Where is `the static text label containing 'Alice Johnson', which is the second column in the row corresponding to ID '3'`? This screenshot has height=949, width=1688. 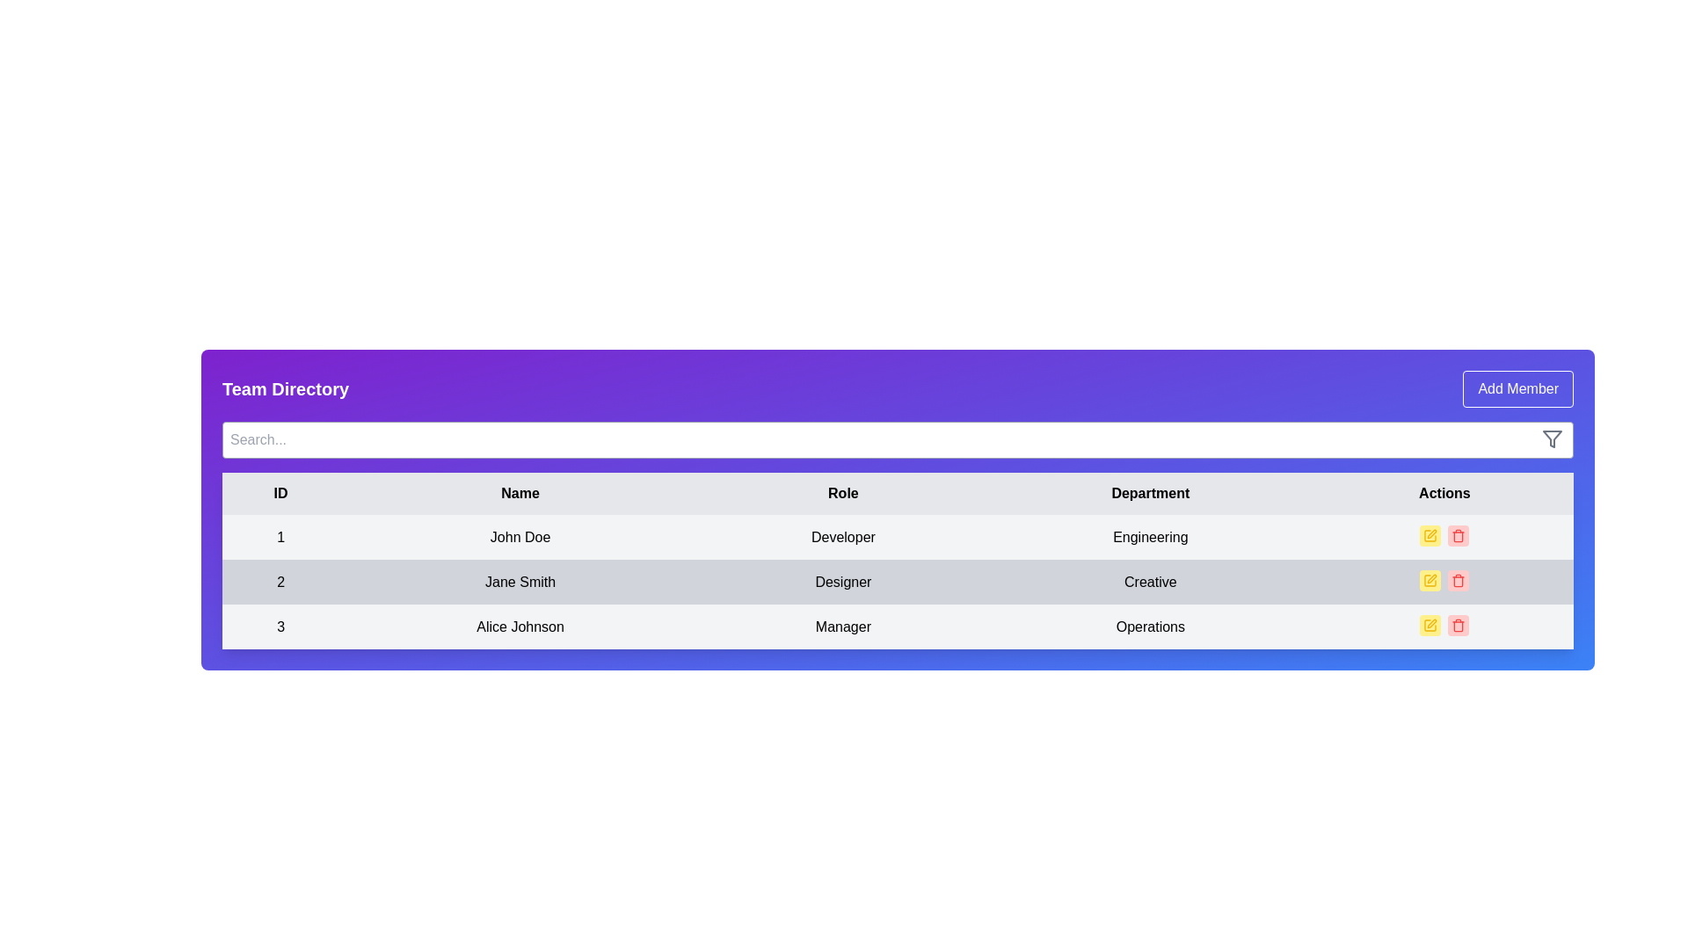 the static text label containing 'Alice Johnson', which is the second column in the row corresponding to ID '3' is located at coordinates (520, 626).